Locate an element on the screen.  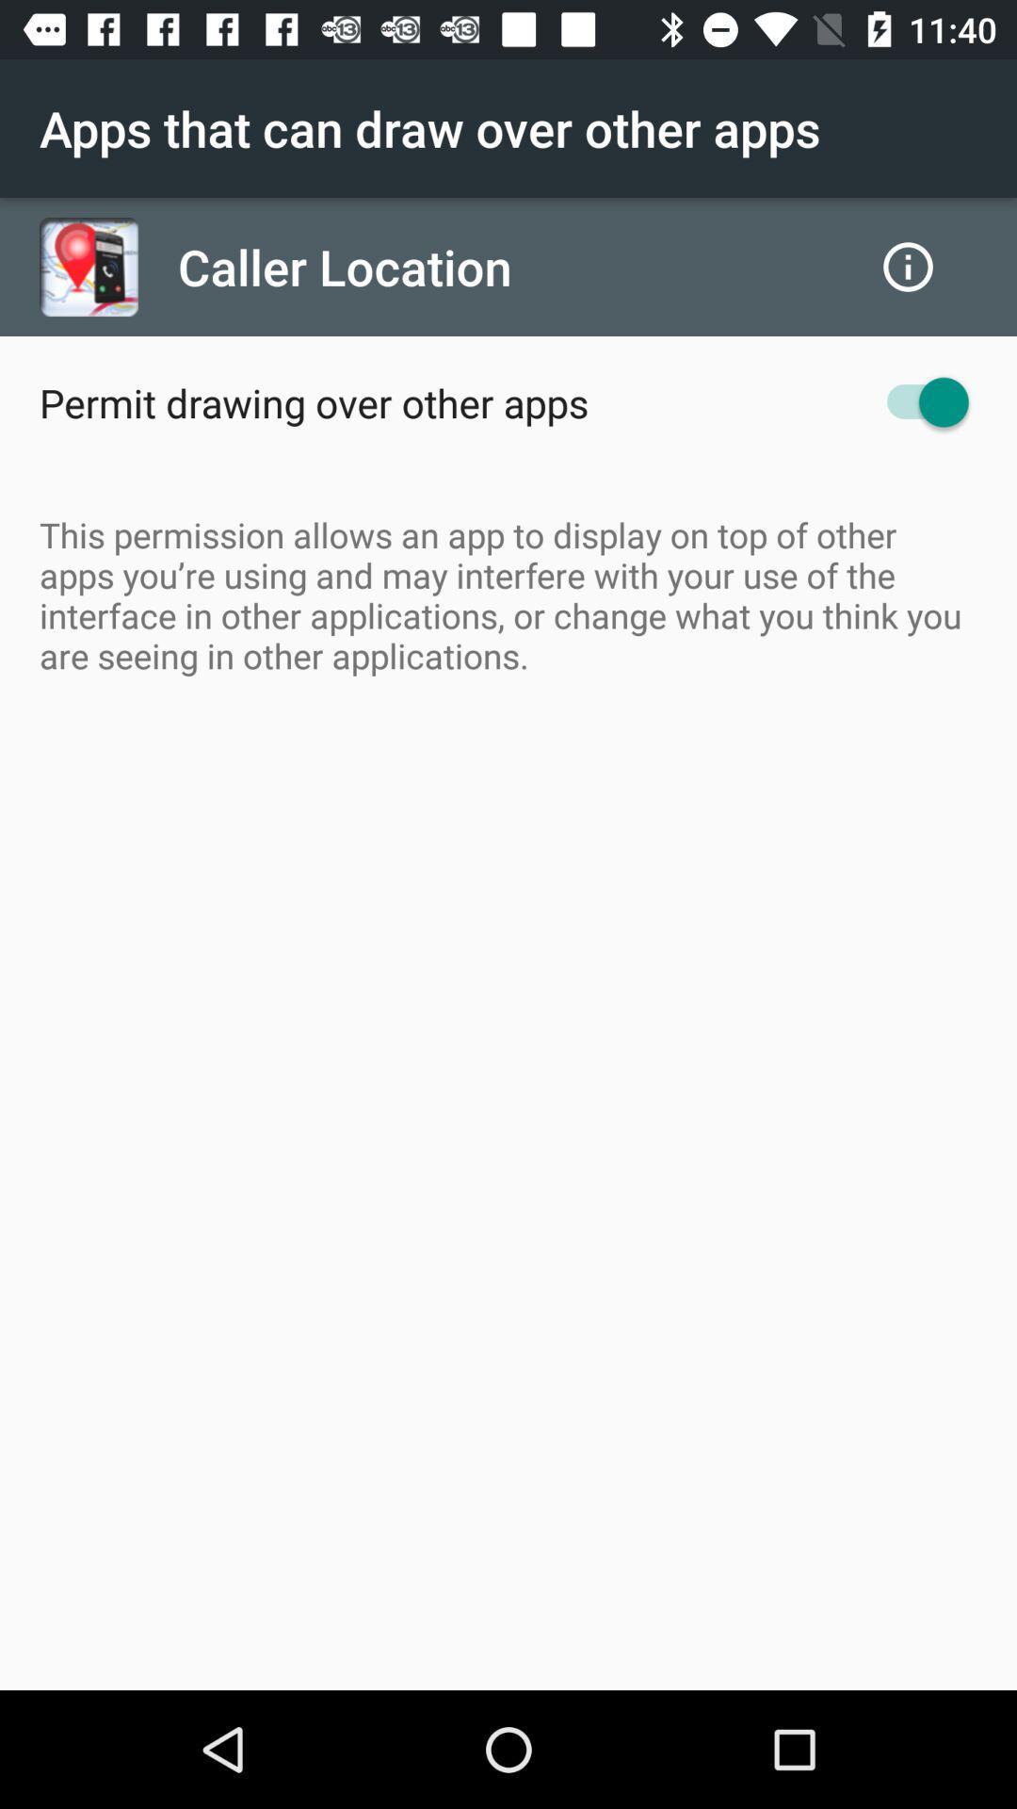
the app to the right of the caller location icon is located at coordinates (907, 266).